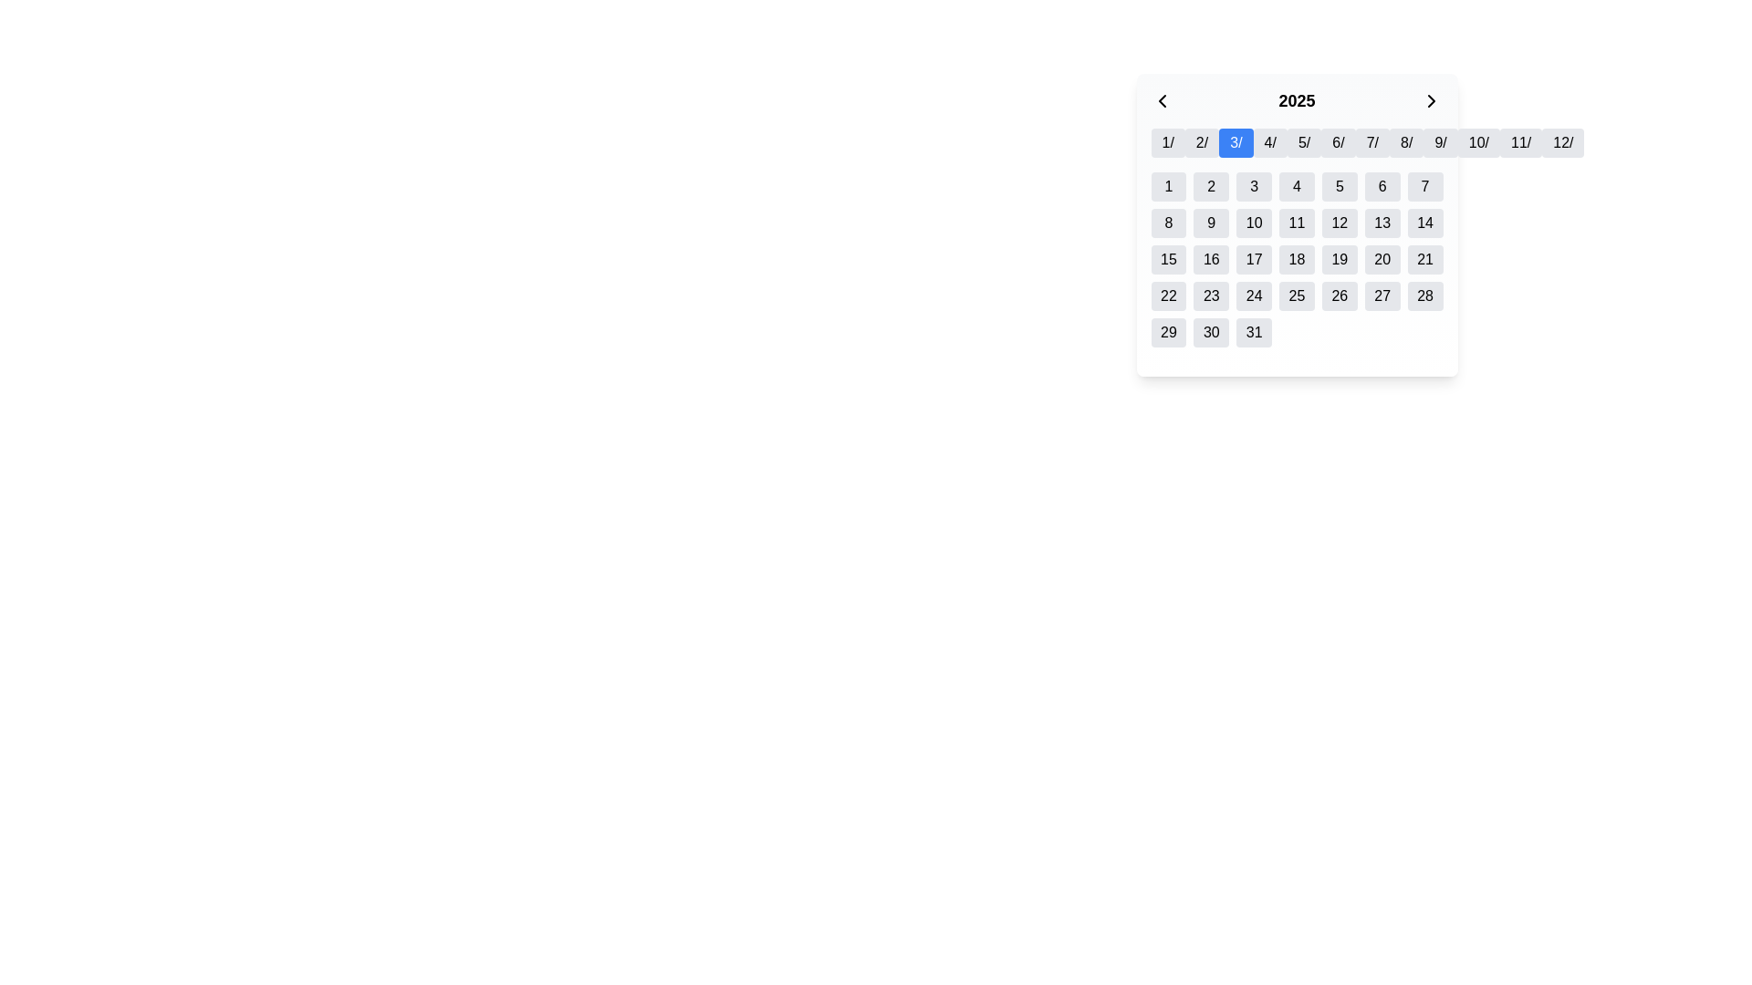 The height and width of the screenshot is (985, 1752). I want to click on the small rectangular button with a light gray background and the number '18' centered in black text, so click(1296, 260).